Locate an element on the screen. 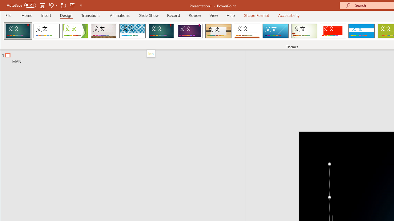  'Integral' is located at coordinates (132, 31).